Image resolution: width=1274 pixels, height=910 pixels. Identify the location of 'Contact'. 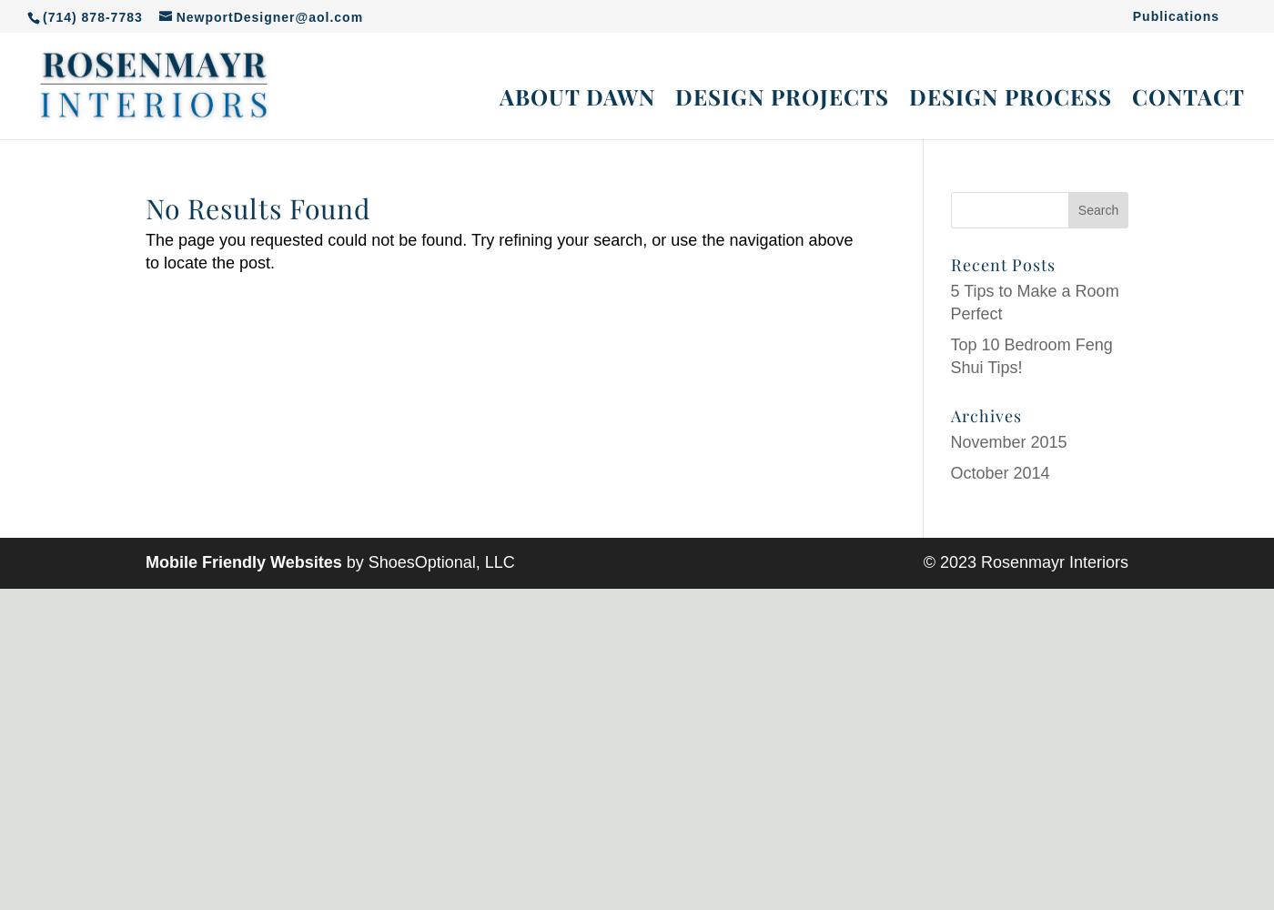
(1132, 96).